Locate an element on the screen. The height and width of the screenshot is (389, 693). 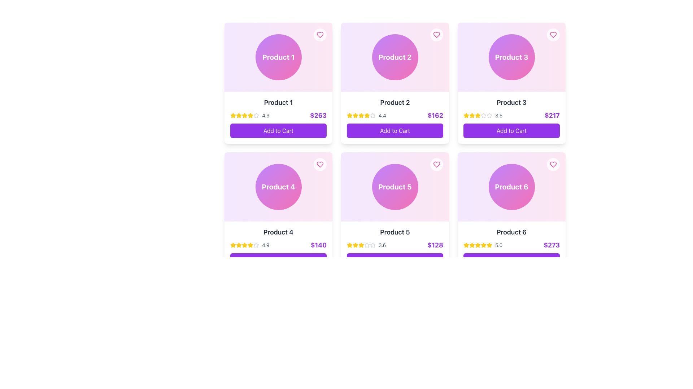
the fourth star icon used for ratings, which is a small, yellow, filled five-pointed star located in the second column of the first row under the product image is located at coordinates (244, 245).